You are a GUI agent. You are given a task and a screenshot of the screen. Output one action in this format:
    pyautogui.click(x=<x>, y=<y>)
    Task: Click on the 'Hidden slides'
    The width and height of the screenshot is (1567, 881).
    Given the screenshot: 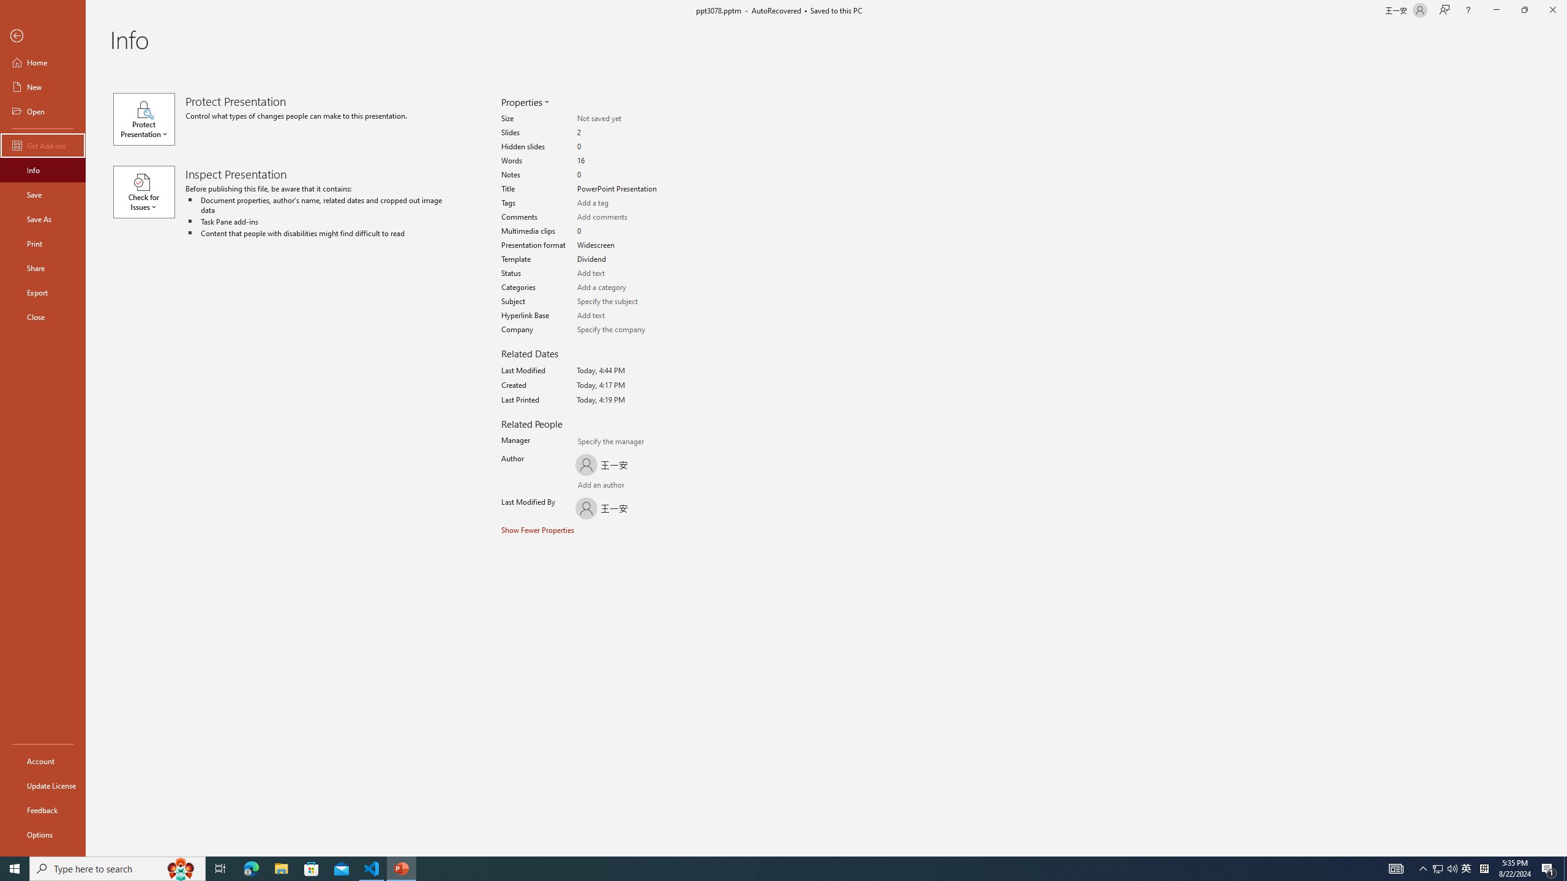 What is the action you would take?
    pyautogui.click(x=619, y=147)
    